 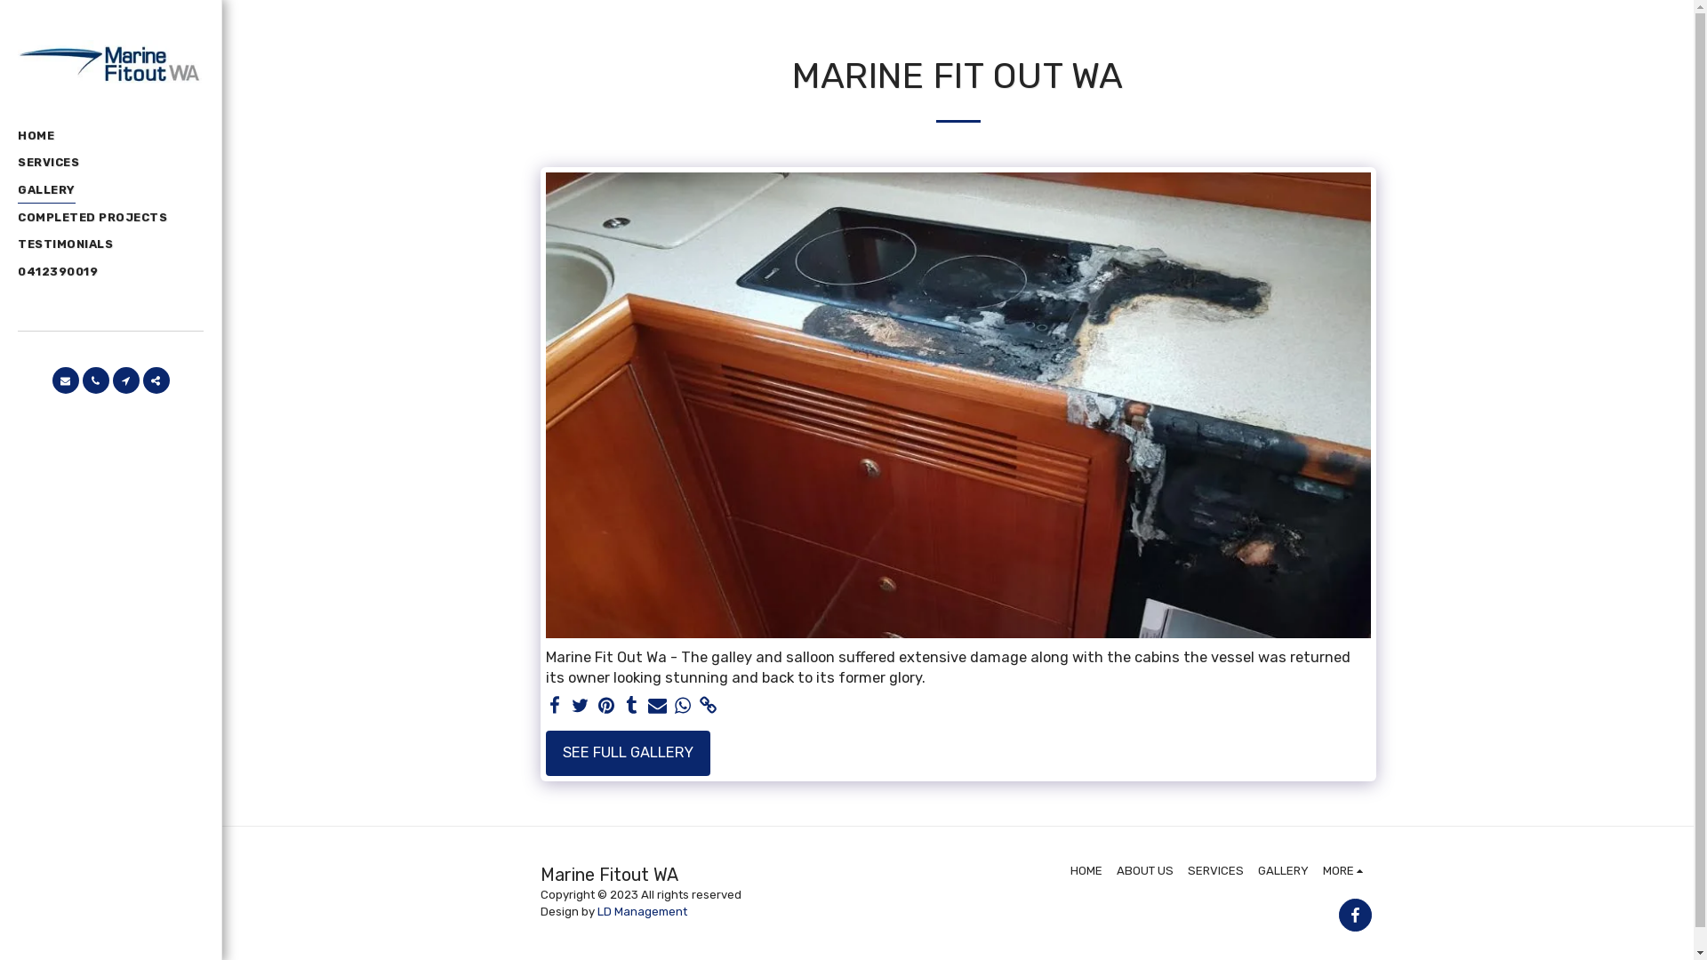 What do you see at coordinates (1214, 869) in the screenshot?
I see `'SERVICES'` at bounding box center [1214, 869].